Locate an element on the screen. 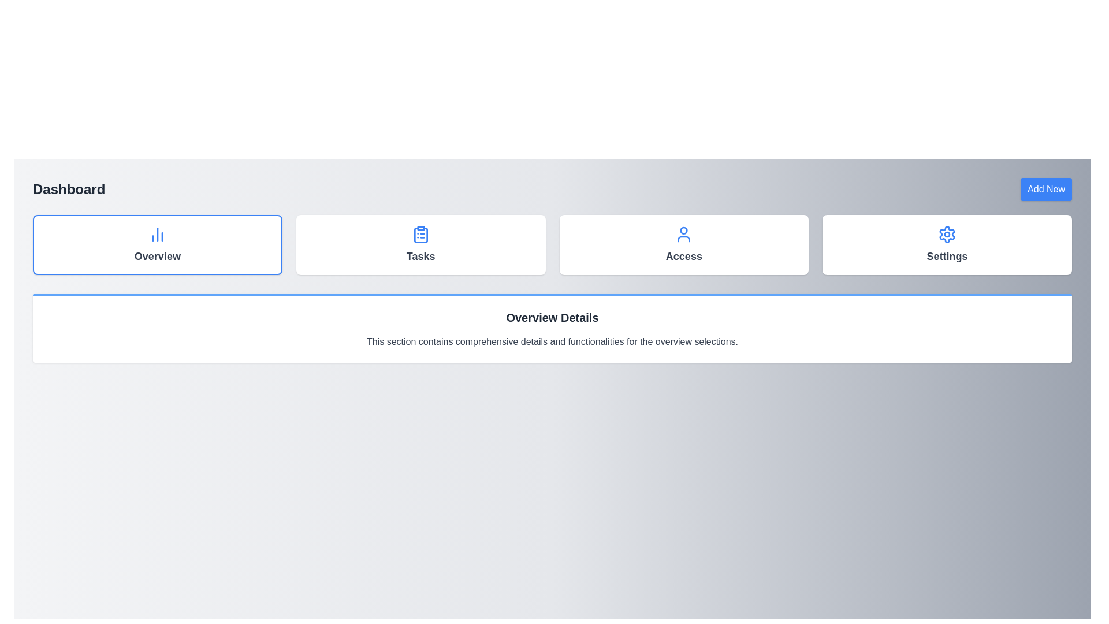 The width and height of the screenshot is (1109, 624). the 'Tasks' icon located above the text 'Tasks' is located at coordinates (420, 234).